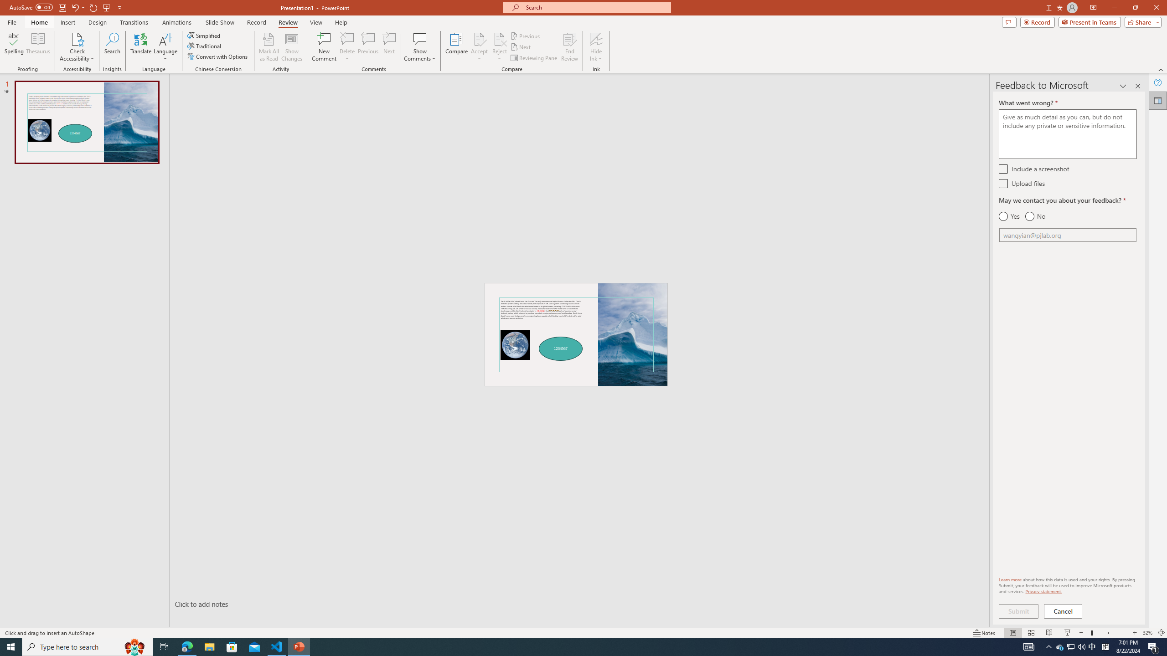  I want to click on 'Search', so click(112, 47).